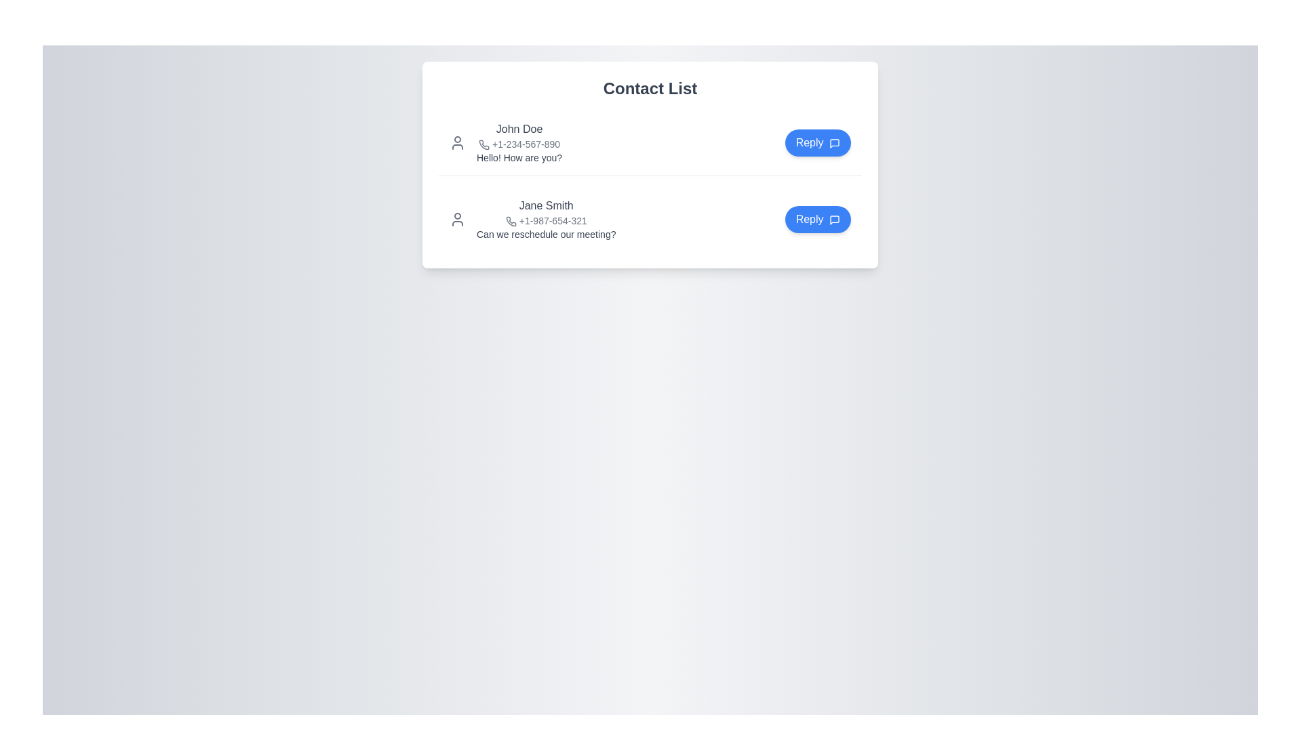 Image resolution: width=1302 pixels, height=732 pixels. What do you see at coordinates (650, 89) in the screenshot?
I see `the static text label heading that indicates the 'Contact List', positioned at the center of the page above the contact list` at bounding box center [650, 89].